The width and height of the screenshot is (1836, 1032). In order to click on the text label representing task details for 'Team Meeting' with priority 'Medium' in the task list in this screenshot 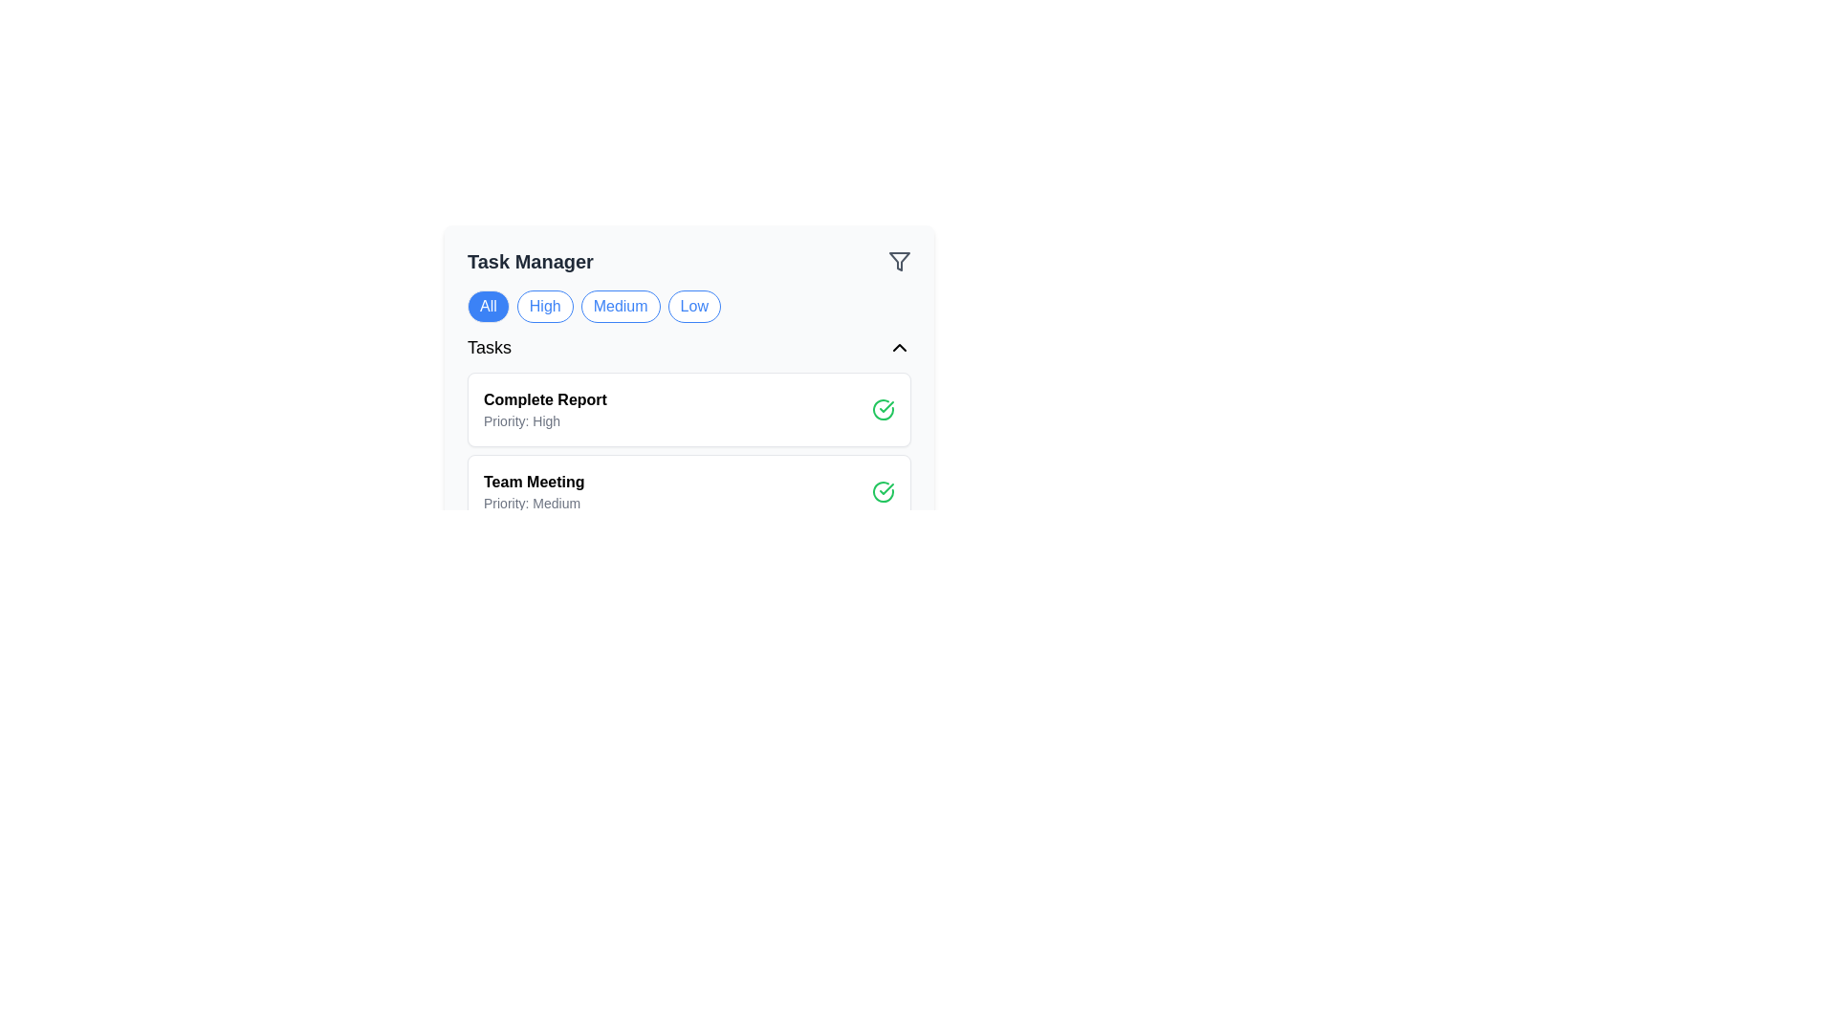, I will do `click(534, 491)`.